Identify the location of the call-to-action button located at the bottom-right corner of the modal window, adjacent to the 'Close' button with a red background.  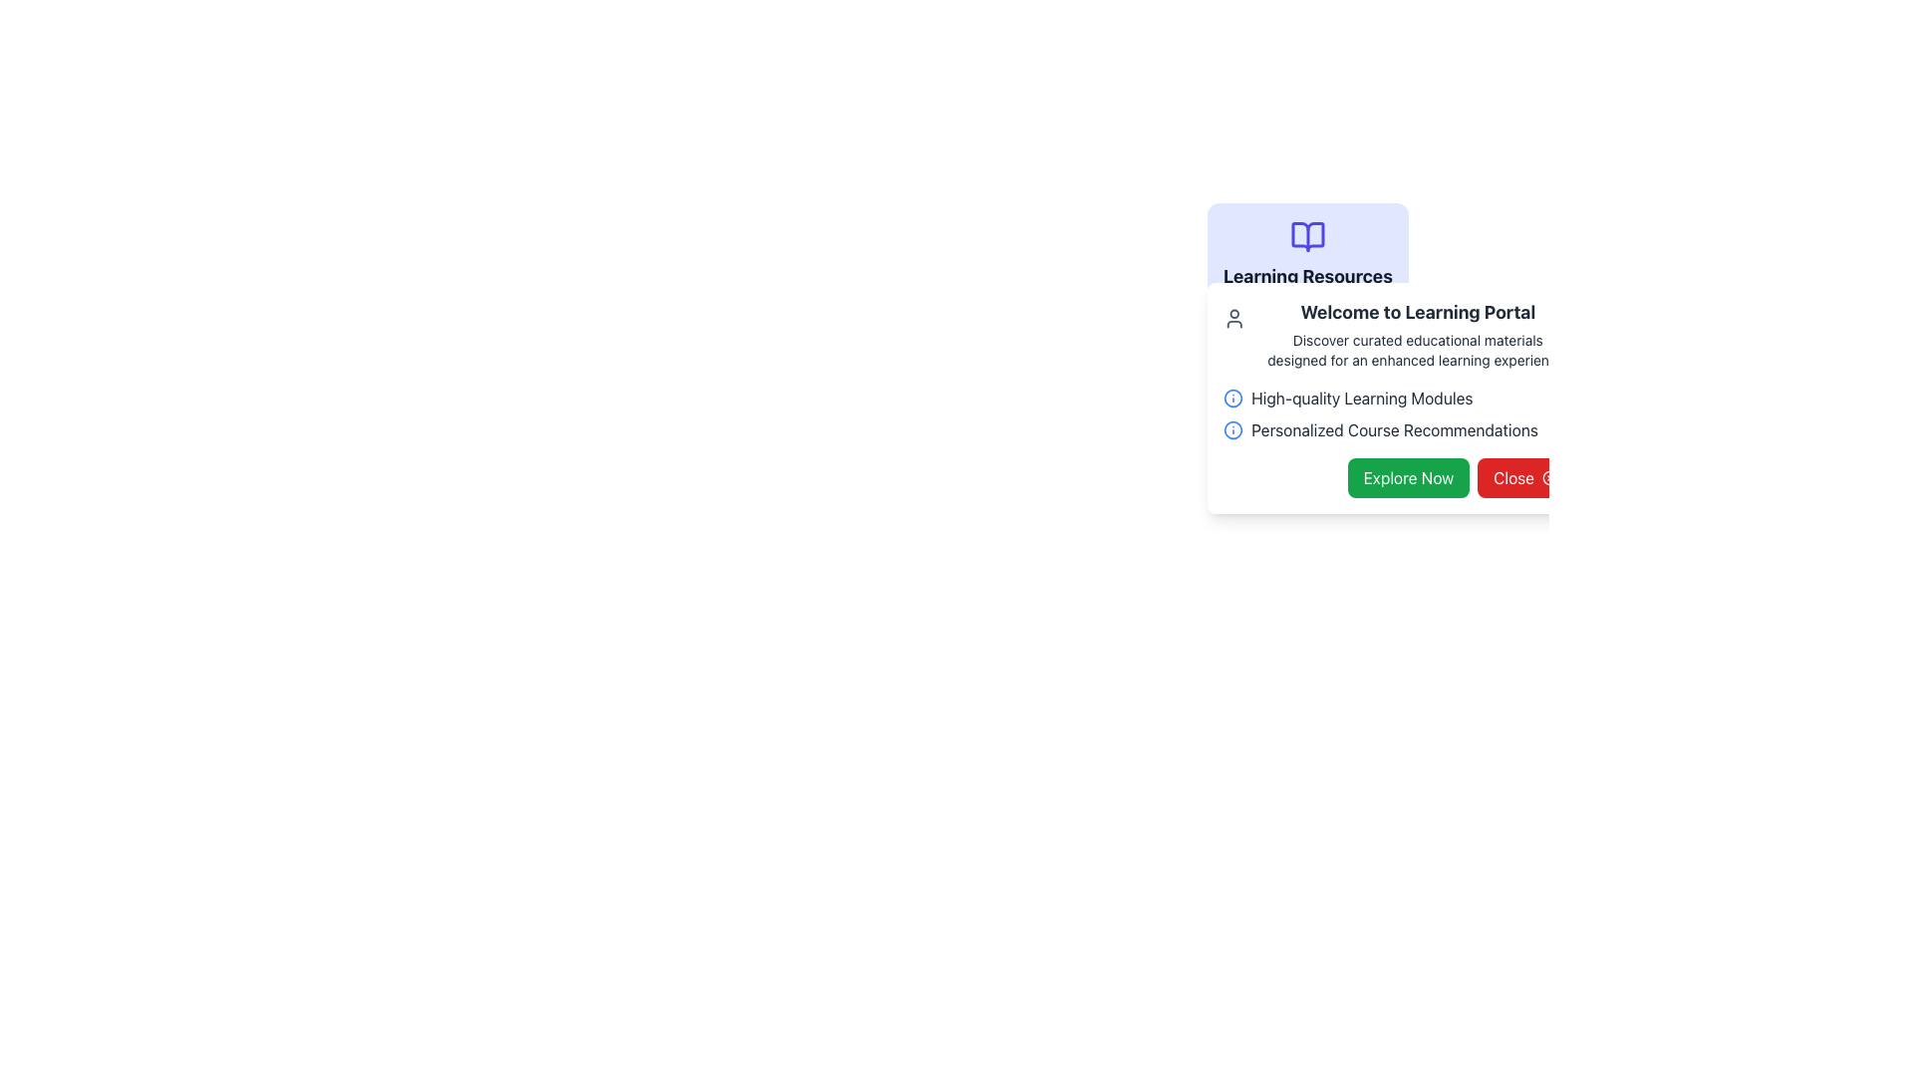
(1407, 477).